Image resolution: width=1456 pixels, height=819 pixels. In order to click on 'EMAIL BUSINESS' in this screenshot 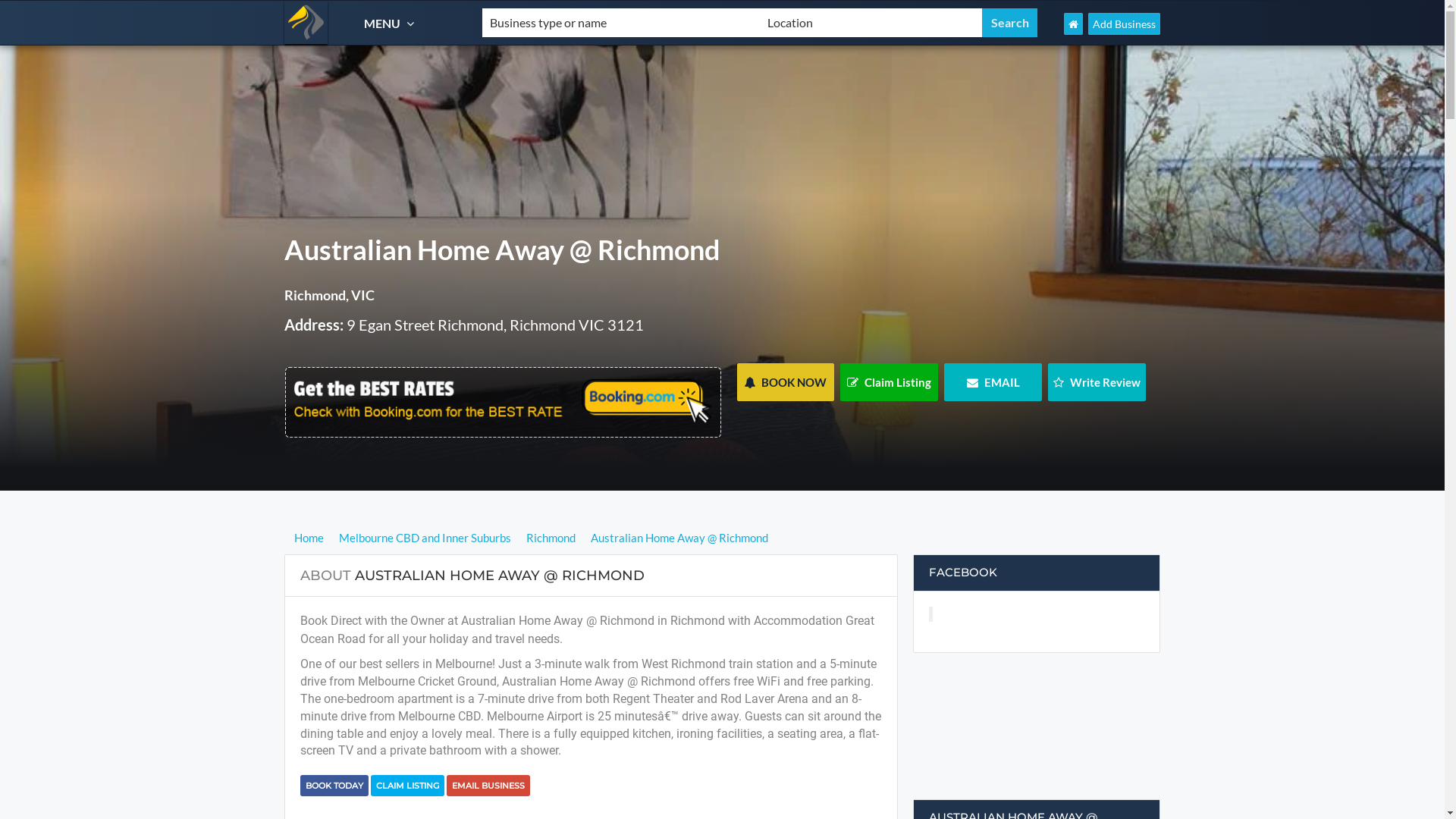, I will do `click(488, 785)`.